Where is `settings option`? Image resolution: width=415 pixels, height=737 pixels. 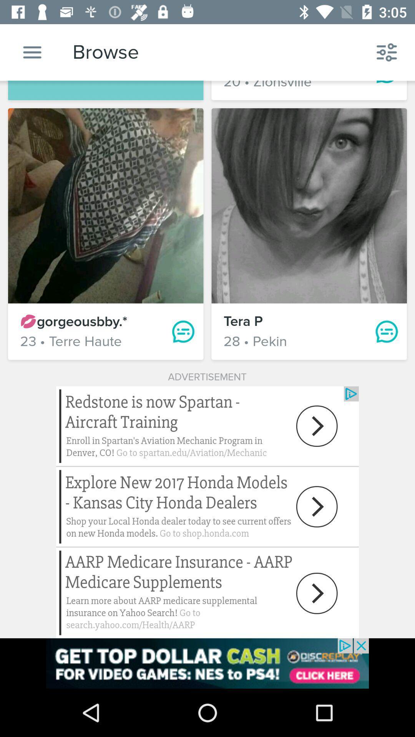
settings option is located at coordinates (32, 52).